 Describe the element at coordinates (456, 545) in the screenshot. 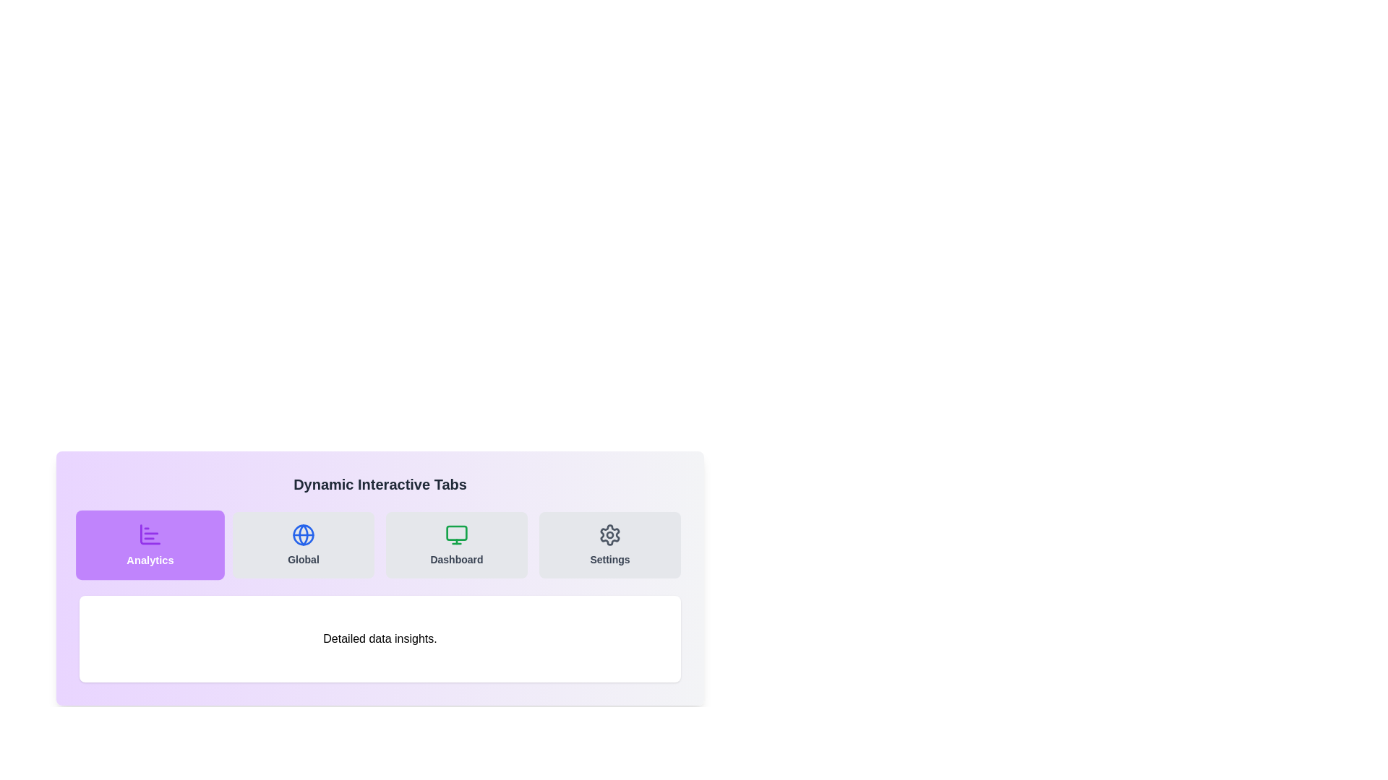

I see `the 'Dashboard' button, which is a rectangular card with rounded corners, featuring a green monitor icon above the text 'Dashboard'. It is the third card in a grid layout, positioned between the 'Global' and 'Settings' cards` at that location.